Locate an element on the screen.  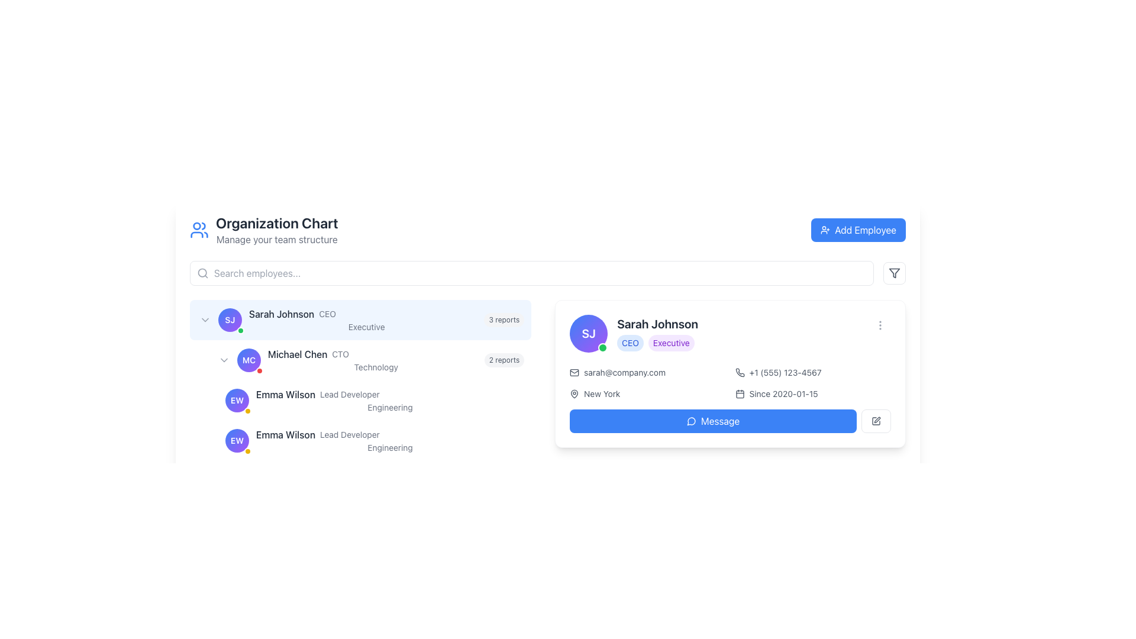
the Indicator or Status Badge located at the bottom-right corner of the avatar labeled 'EW', which has a gradient background from blue to purple, by clicking on the badge is located at coordinates (247, 451).